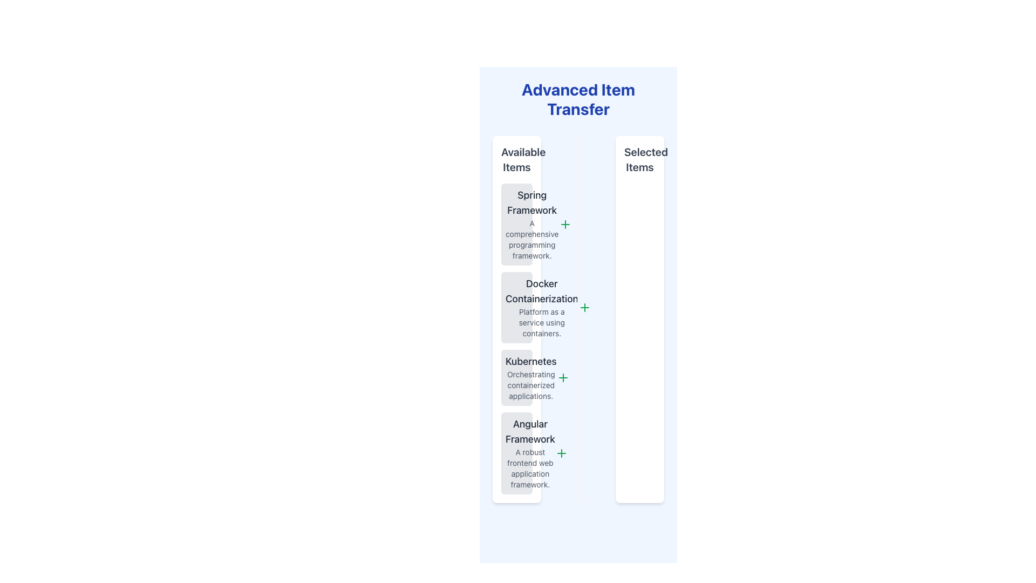  I want to click on the Text Label that identifies the associated description in the 'Available Items' section, which has the text 'Orchestrating containerized applications.', so click(531, 362).